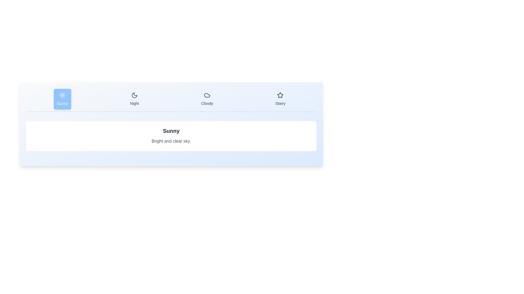 The height and width of the screenshot is (294, 524). Describe the element at coordinates (134, 99) in the screenshot. I see `the weather condition tab labeled 'Night' to view its description` at that location.